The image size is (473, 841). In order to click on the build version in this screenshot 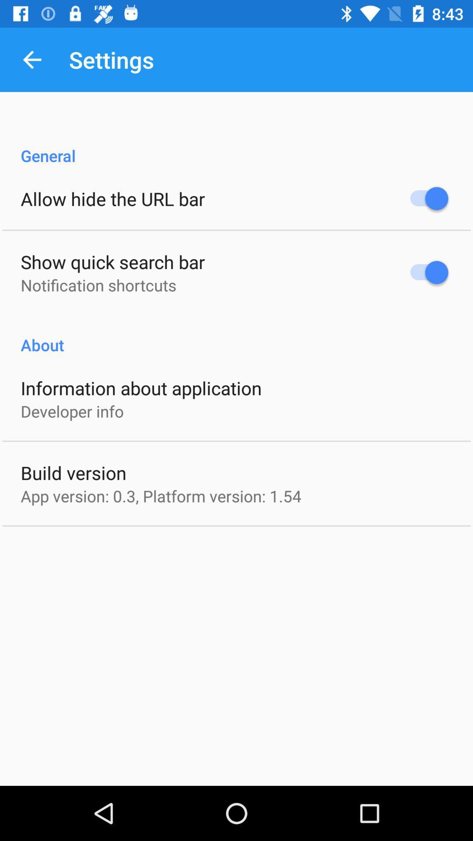, I will do `click(73, 472)`.